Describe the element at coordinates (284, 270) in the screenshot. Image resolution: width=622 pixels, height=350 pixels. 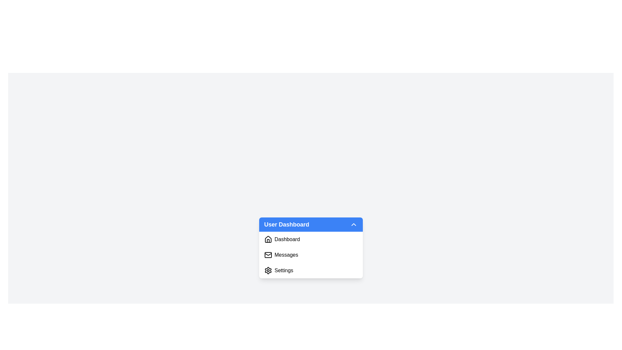
I see `the 'Settings' text label in the vertical navigation menu of the 'User Dashboard'` at that location.